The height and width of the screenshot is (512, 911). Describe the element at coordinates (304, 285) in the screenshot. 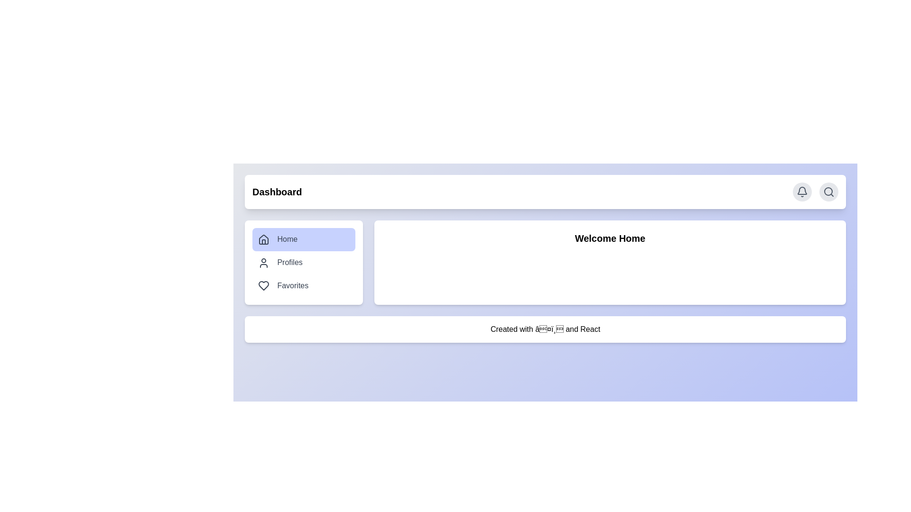

I see `the third button in the vertical column of the sidebar` at that location.